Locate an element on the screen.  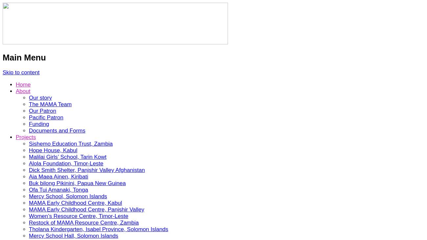
'Funding' is located at coordinates (29, 124).